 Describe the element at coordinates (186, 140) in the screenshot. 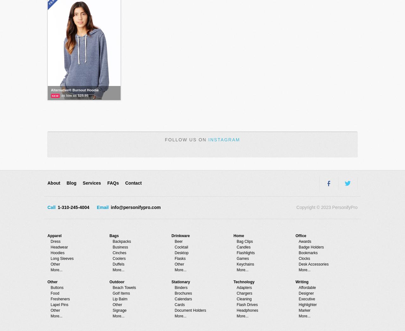

I see `'Follow us on'` at that location.